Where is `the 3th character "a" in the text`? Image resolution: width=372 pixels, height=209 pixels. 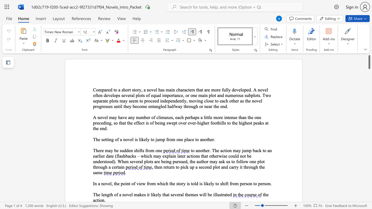 the 3th character "a" in the text is located at coordinates (155, 106).